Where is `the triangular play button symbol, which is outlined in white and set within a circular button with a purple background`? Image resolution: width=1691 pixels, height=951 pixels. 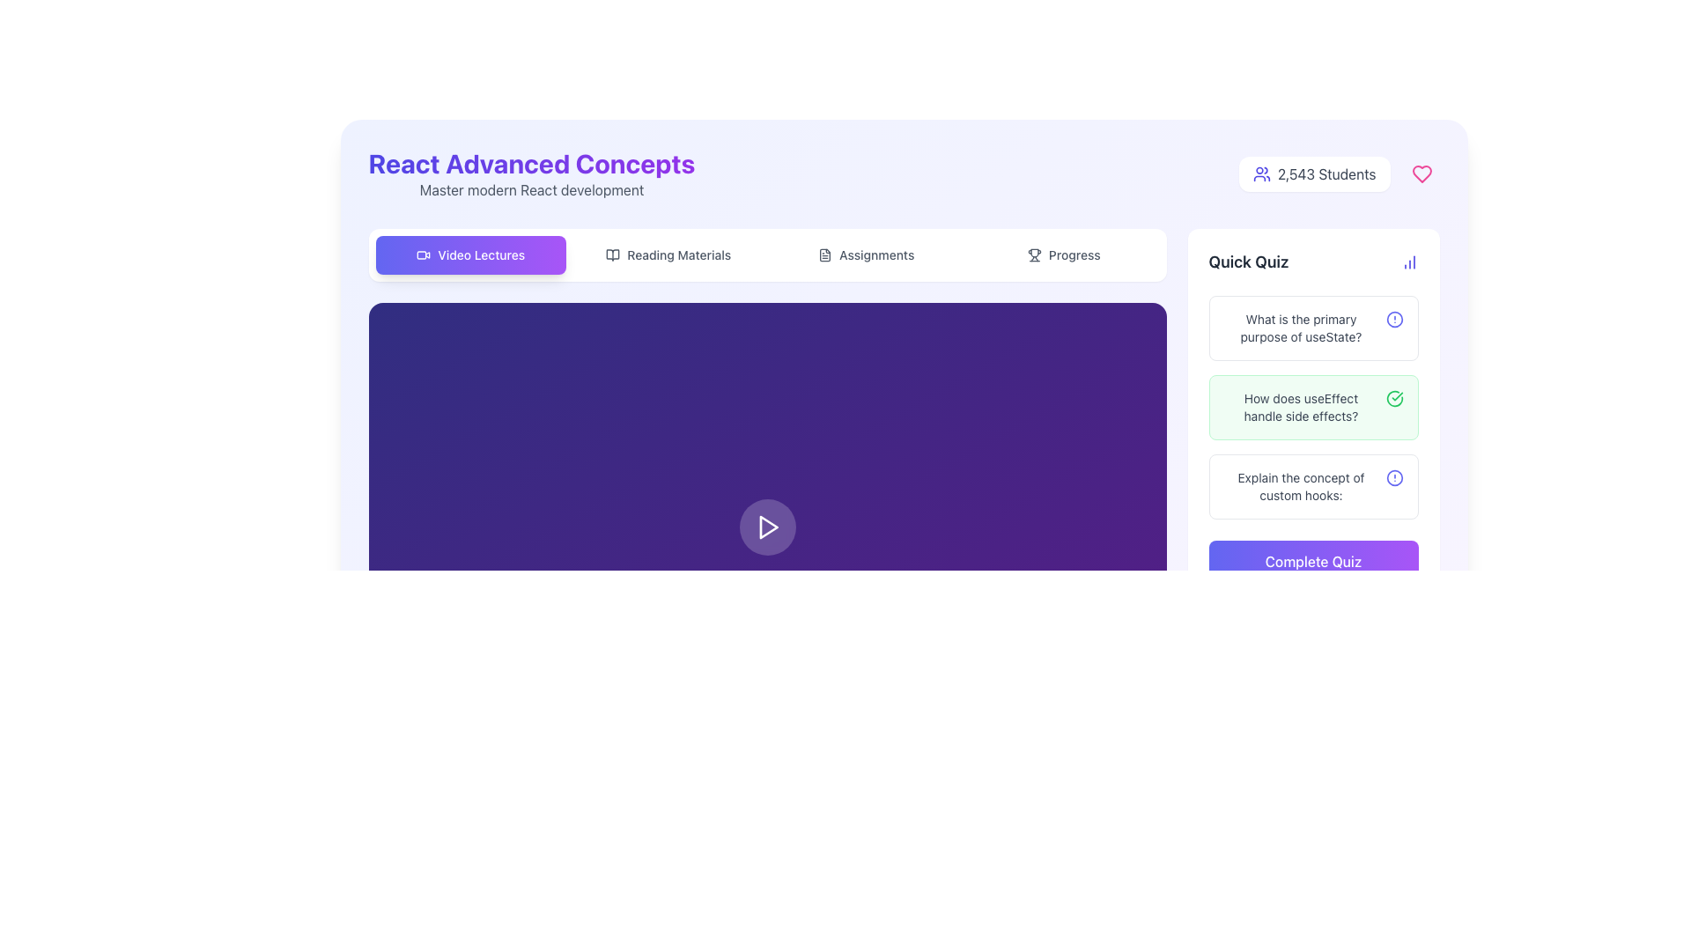
the triangular play button symbol, which is outlined in white and set within a circular button with a purple background is located at coordinates (768, 526).